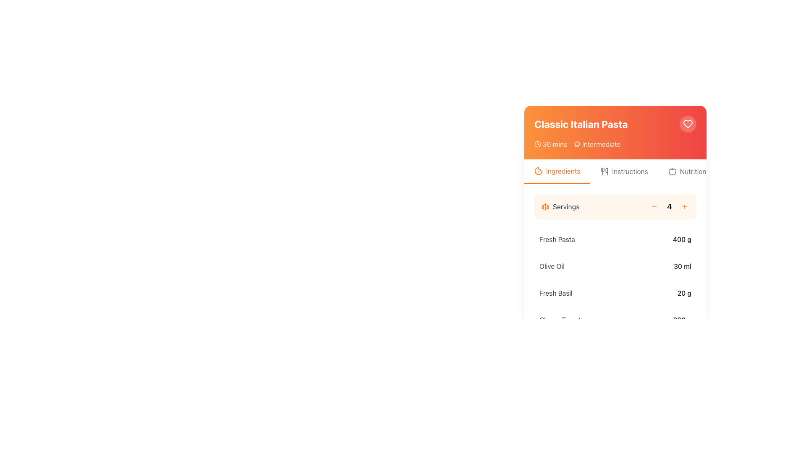  Describe the element at coordinates (557, 171) in the screenshot. I see `the 'Ingredients' tab button, which is styled with orange text and an orange underline, located at the top-left part of the recipe section tab group` at that location.